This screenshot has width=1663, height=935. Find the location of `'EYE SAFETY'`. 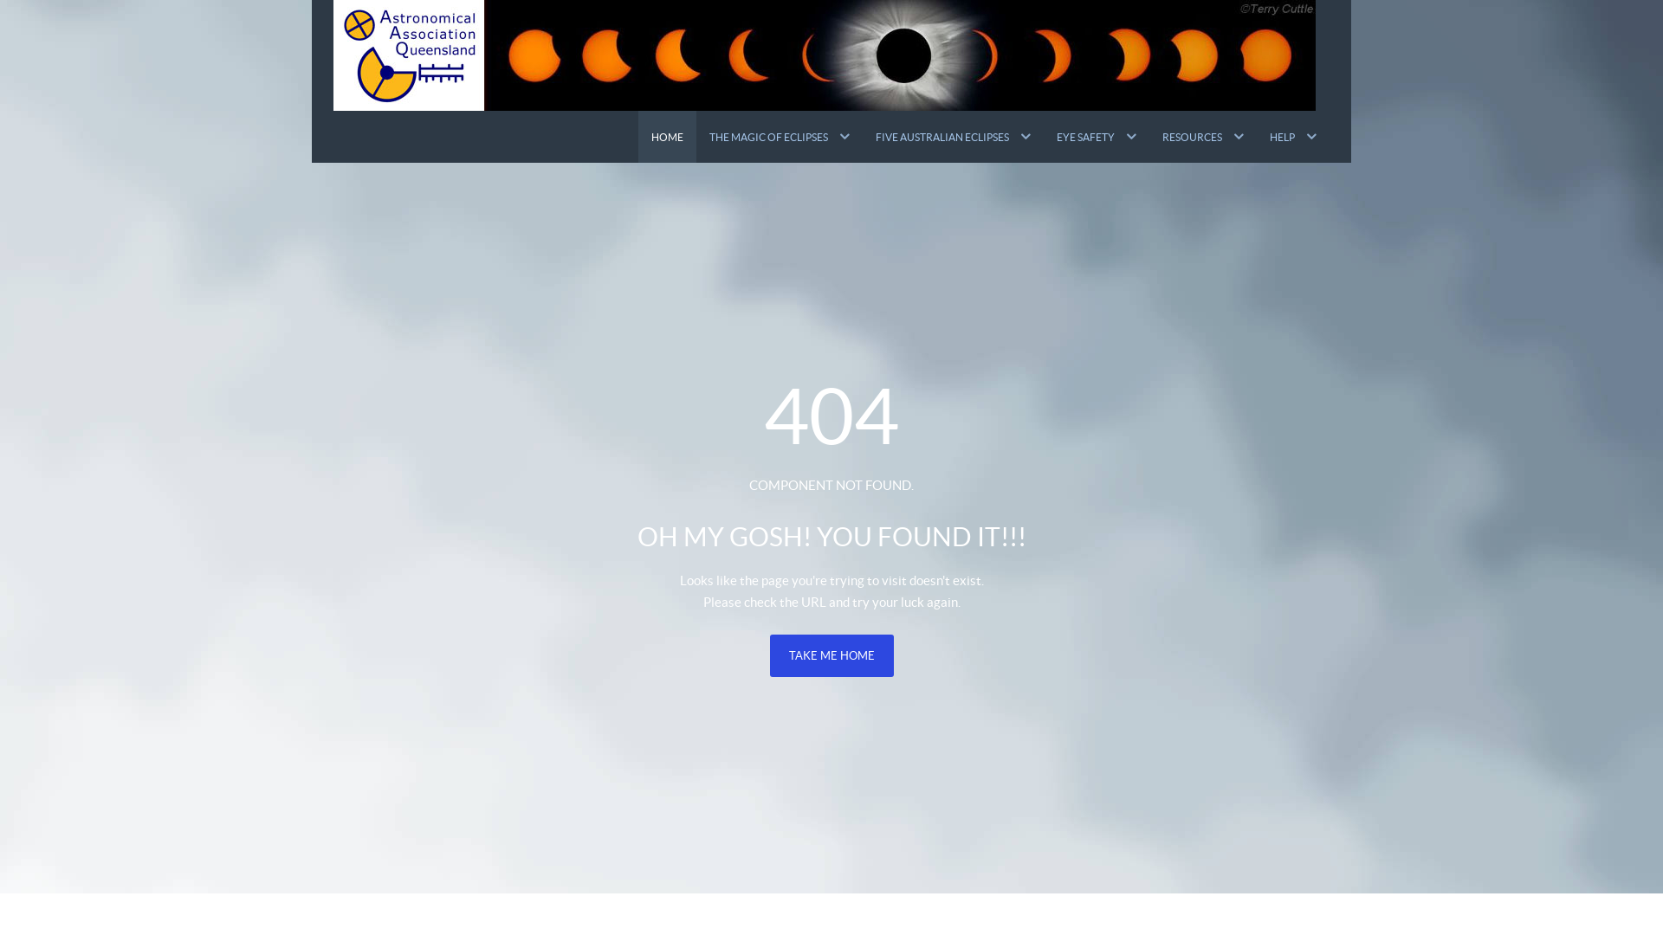

'EYE SAFETY' is located at coordinates (1096, 136).